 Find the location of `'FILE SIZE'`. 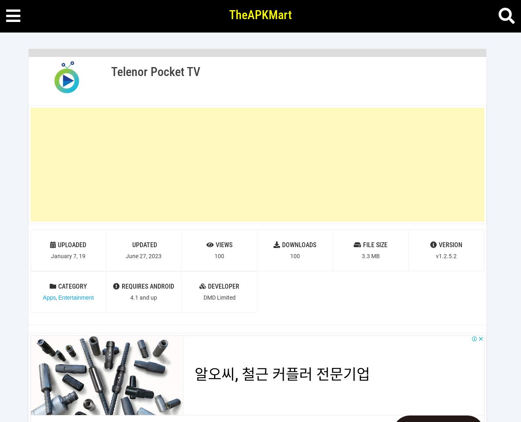

'FILE SIZE' is located at coordinates (374, 244).